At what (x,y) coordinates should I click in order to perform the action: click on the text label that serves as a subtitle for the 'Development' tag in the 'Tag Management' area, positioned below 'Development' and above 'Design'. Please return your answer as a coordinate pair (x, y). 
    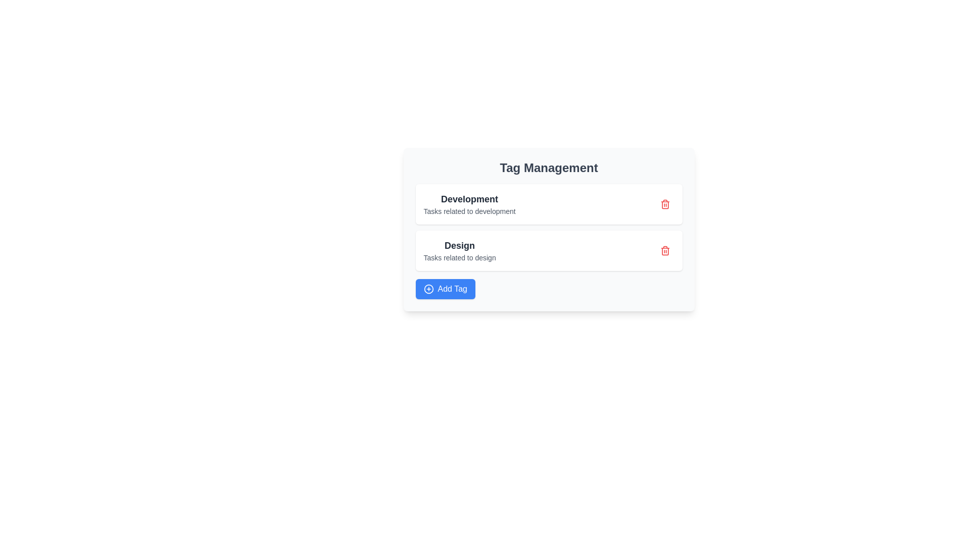
    Looking at the image, I should click on (469, 211).